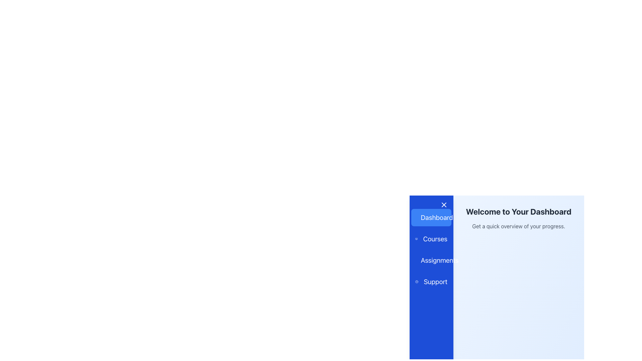 This screenshot has width=642, height=361. Describe the element at coordinates (431, 238) in the screenshot. I see `the 'Courses' button, which is a rectangular button with a blue background and white text, located in the vertical navigation menu below the 'Dashboard' button` at that location.